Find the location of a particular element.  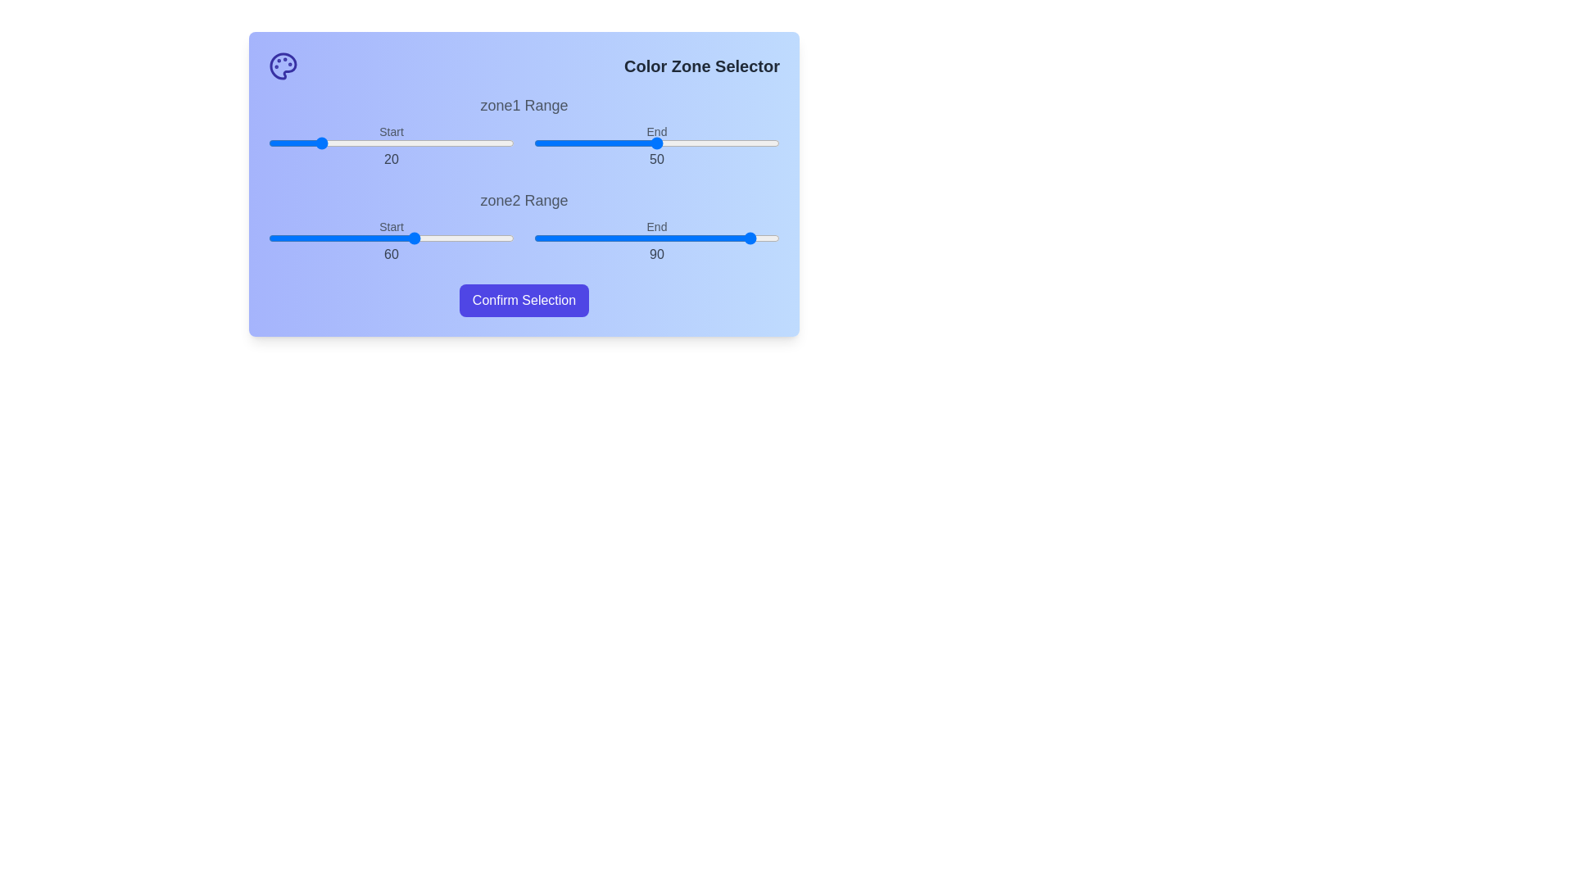

the end range slider for zone2 to 67 is located at coordinates (699, 238).